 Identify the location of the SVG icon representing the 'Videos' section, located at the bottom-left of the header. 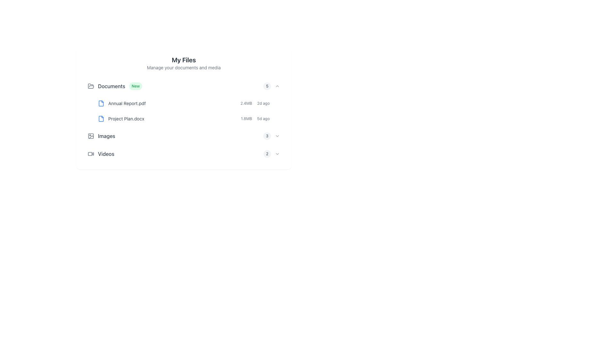
(90, 154).